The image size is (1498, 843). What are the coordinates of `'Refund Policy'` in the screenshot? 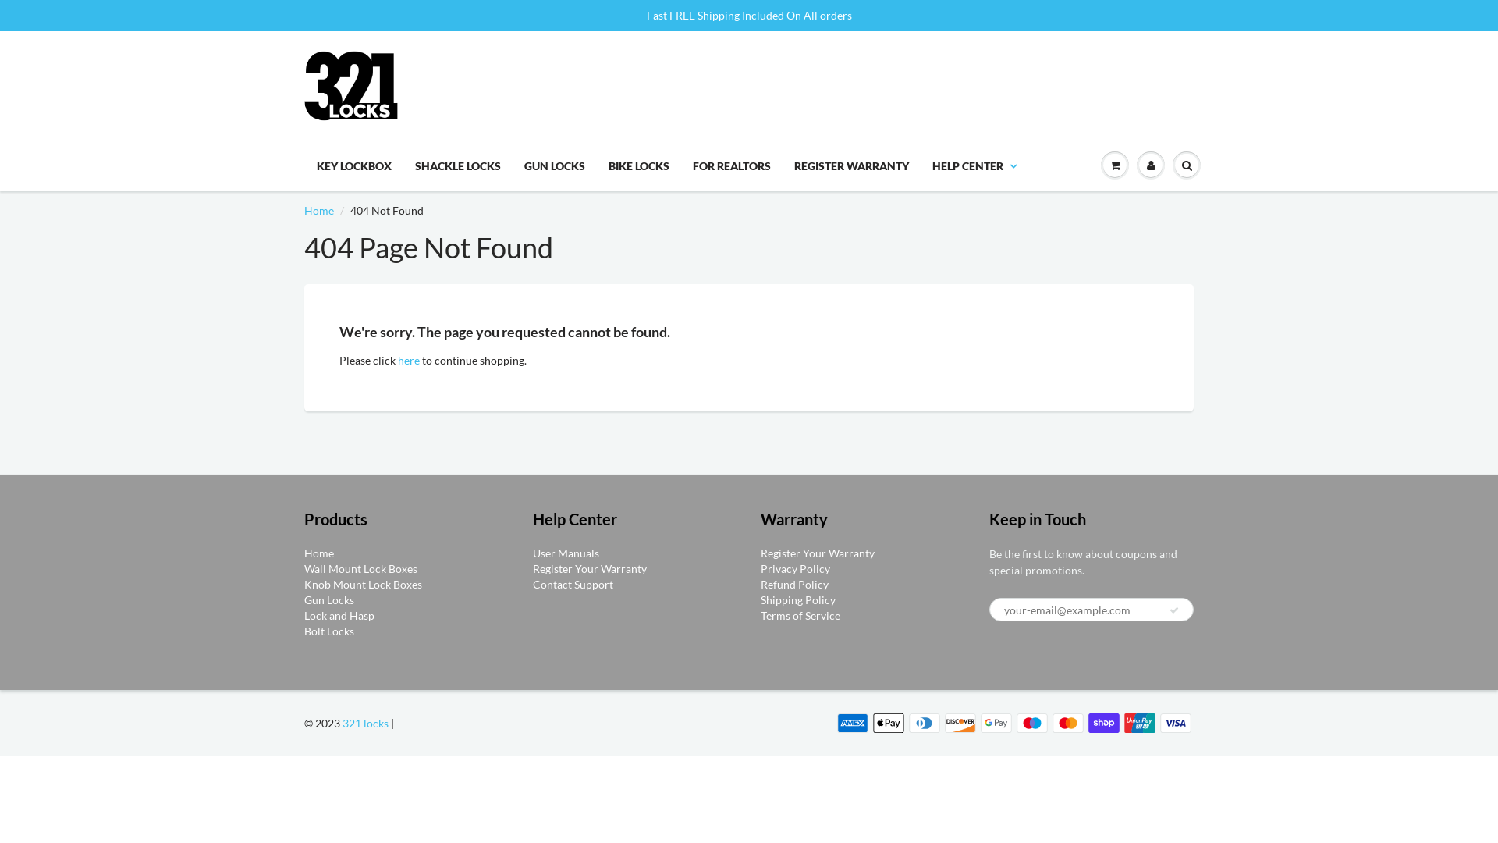 It's located at (794, 584).